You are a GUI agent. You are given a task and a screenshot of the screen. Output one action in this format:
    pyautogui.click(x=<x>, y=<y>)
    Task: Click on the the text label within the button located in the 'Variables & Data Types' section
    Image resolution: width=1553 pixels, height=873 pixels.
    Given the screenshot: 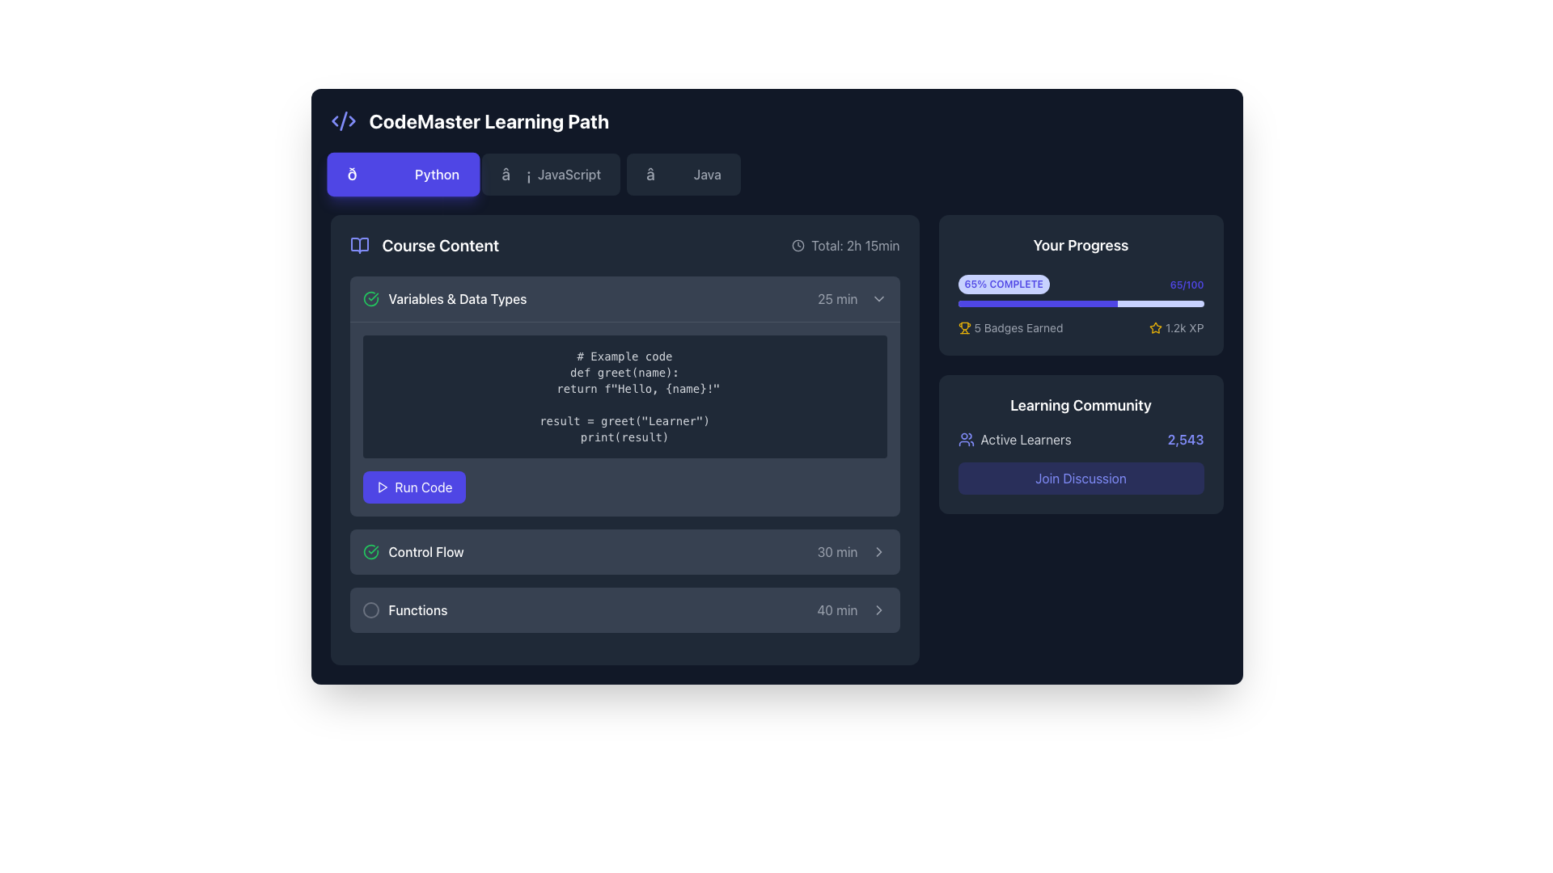 What is the action you would take?
    pyautogui.click(x=423, y=486)
    